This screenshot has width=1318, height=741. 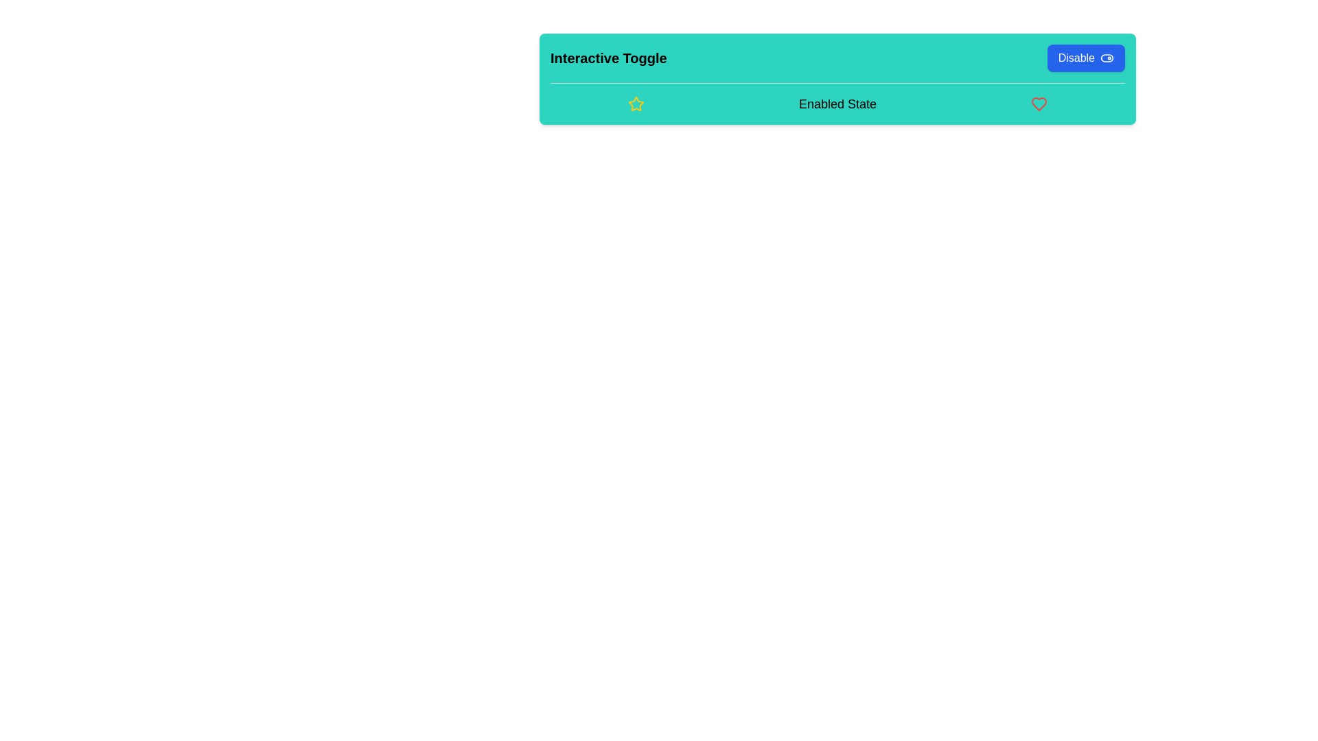 What do you see at coordinates (837, 103) in the screenshot?
I see `the informational text label that displays 'Enabled State', which is centered between a yellow star icon on the left and a red heart icon on the right` at bounding box center [837, 103].